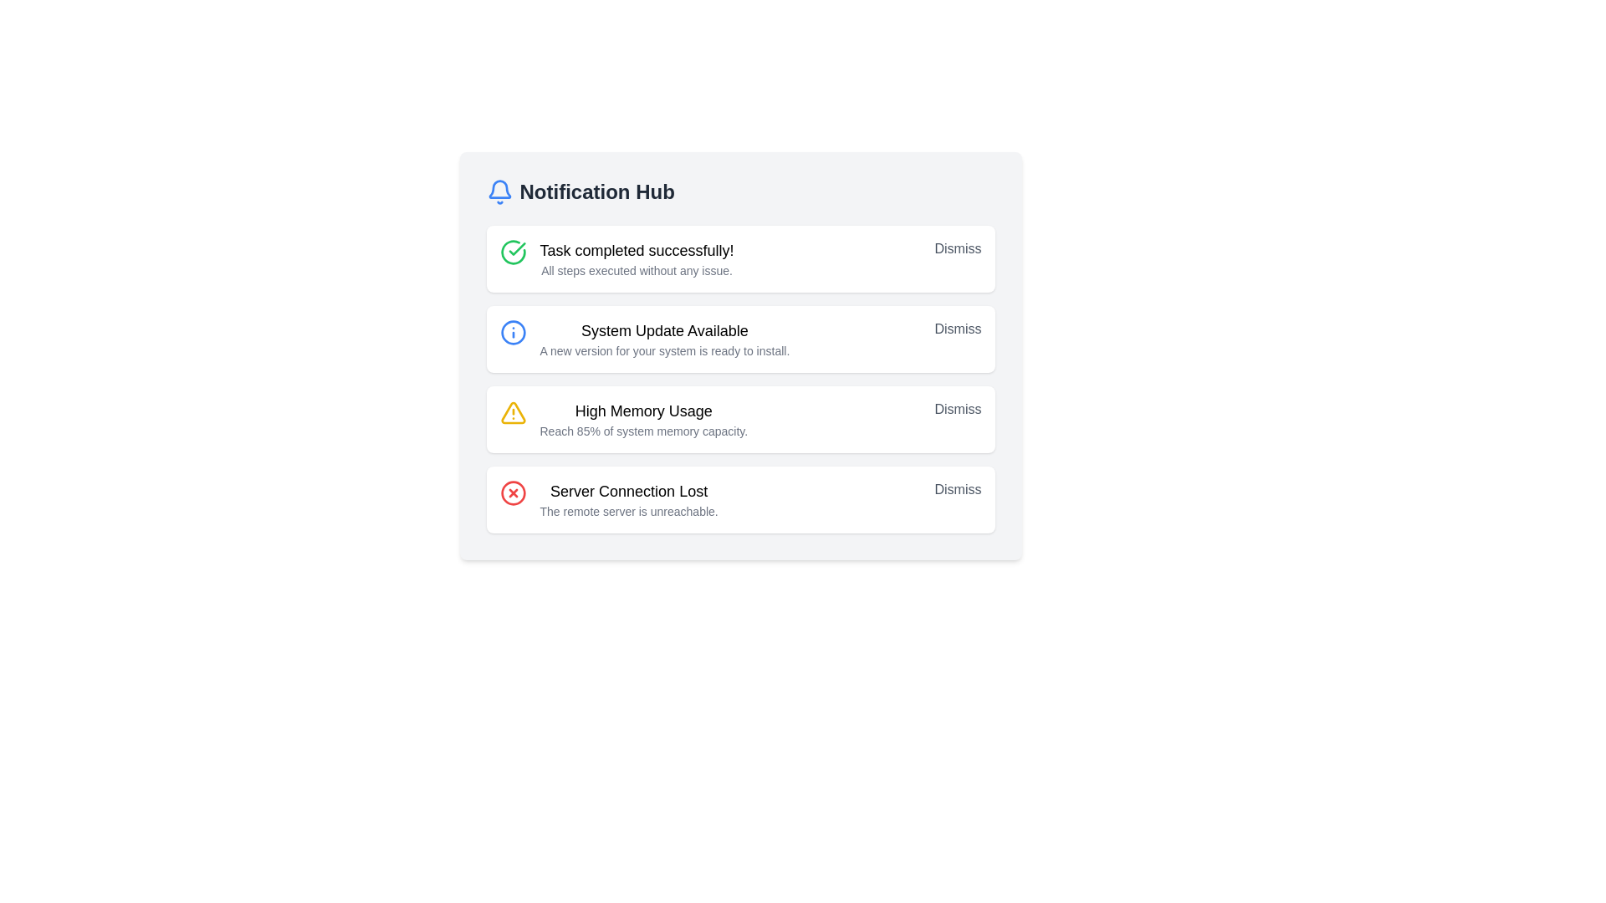  What do you see at coordinates (512, 412) in the screenshot?
I see `the triangular warning icon with a yellow outline and exclamation mark, which is positioned to the left of the 'High Memory Usage' notification text` at bounding box center [512, 412].